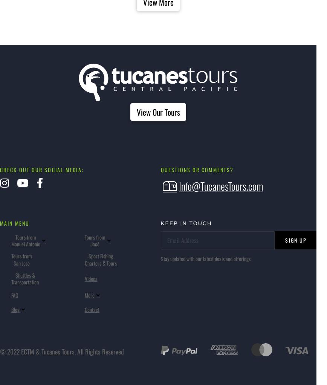 The height and width of the screenshot is (385, 327). What do you see at coordinates (123, 158) in the screenshot?
I see `'Horseback Riding Jaco'` at bounding box center [123, 158].